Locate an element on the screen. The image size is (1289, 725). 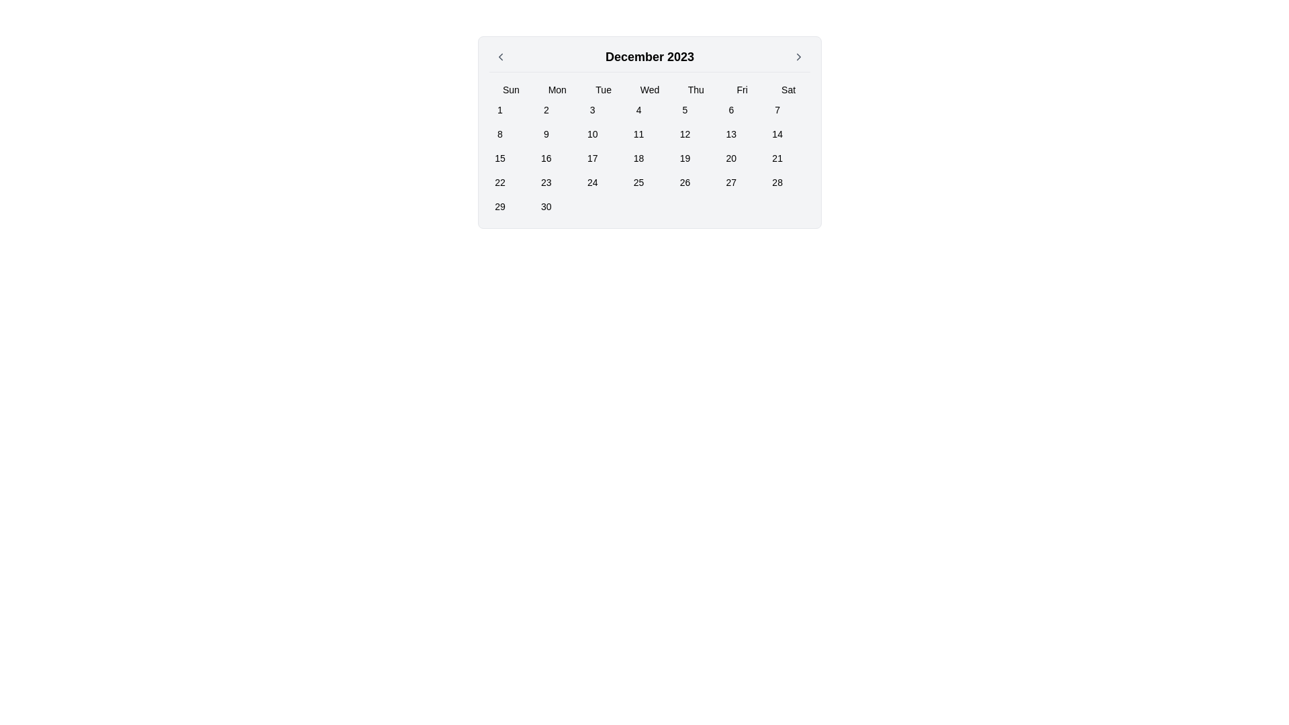
the button that allows users to select the 7th day of the month, located in the calendar grid under the 'Sat' column is located at coordinates (777, 109).